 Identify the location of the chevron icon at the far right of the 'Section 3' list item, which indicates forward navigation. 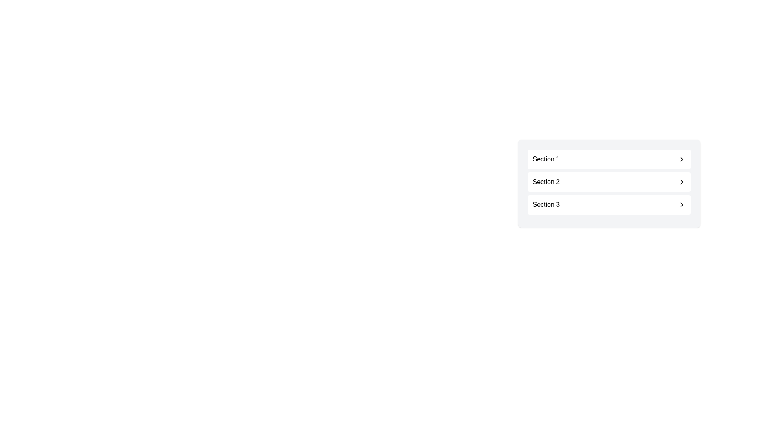
(681, 204).